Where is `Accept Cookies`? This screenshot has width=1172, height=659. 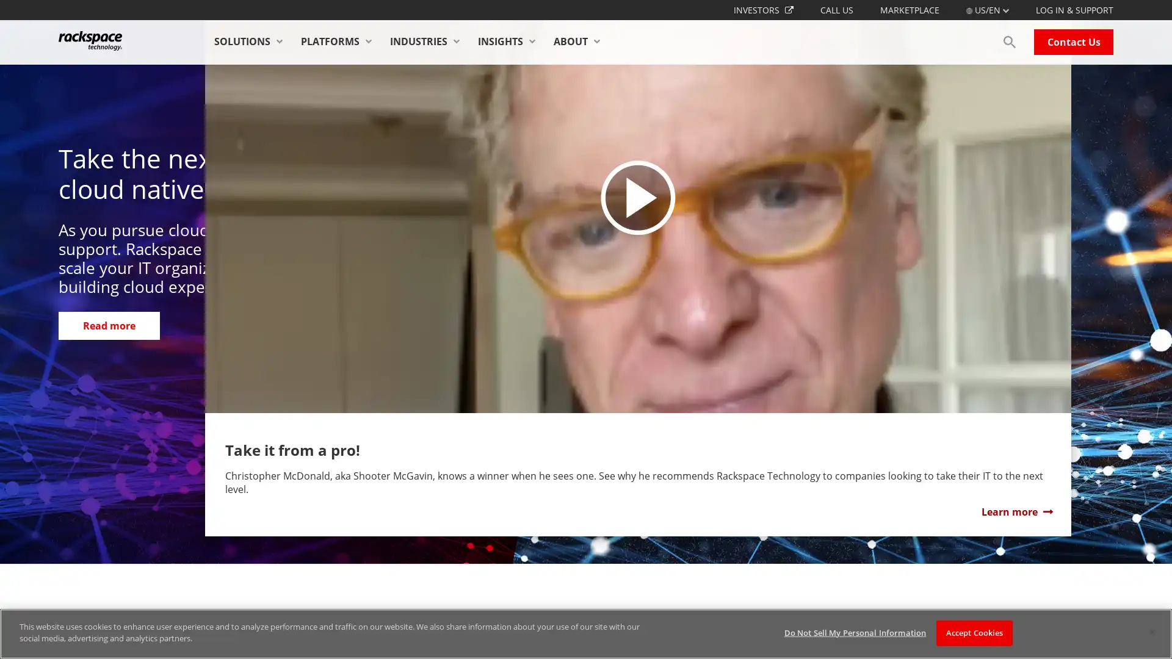
Accept Cookies is located at coordinates (974, 632).